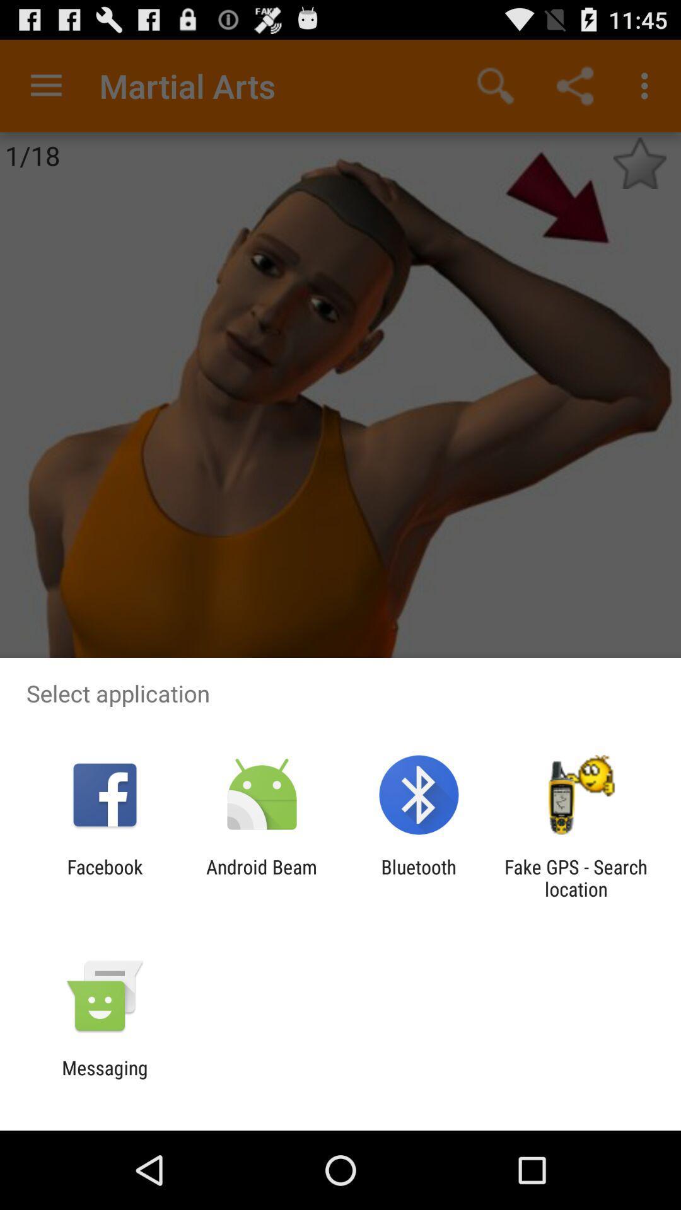  What do you see at coordinates (261, 877) in the screenshot?
I see `item next to facebook icon` at bounding box center [261, 877].